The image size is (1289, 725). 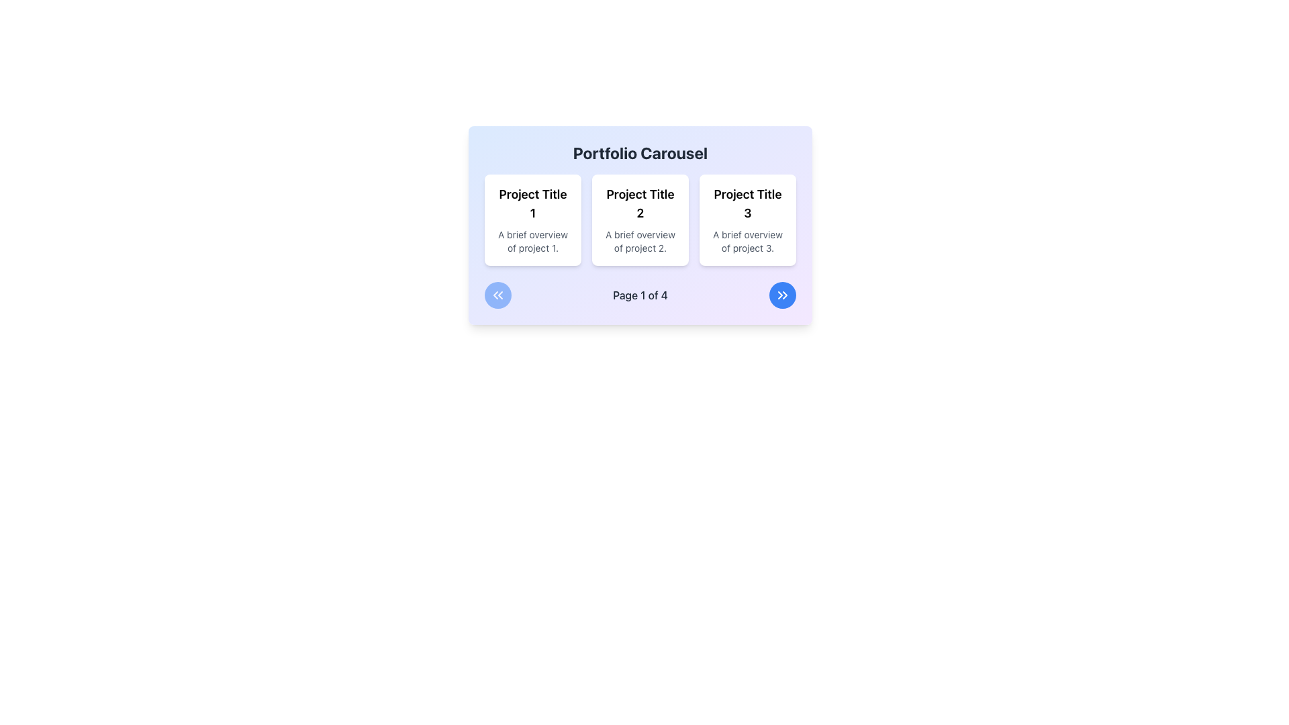 I want to click on the first rightward pointing arrow icon, which is styled as a minimalistic vector graphic, so click(x=780, y=294).